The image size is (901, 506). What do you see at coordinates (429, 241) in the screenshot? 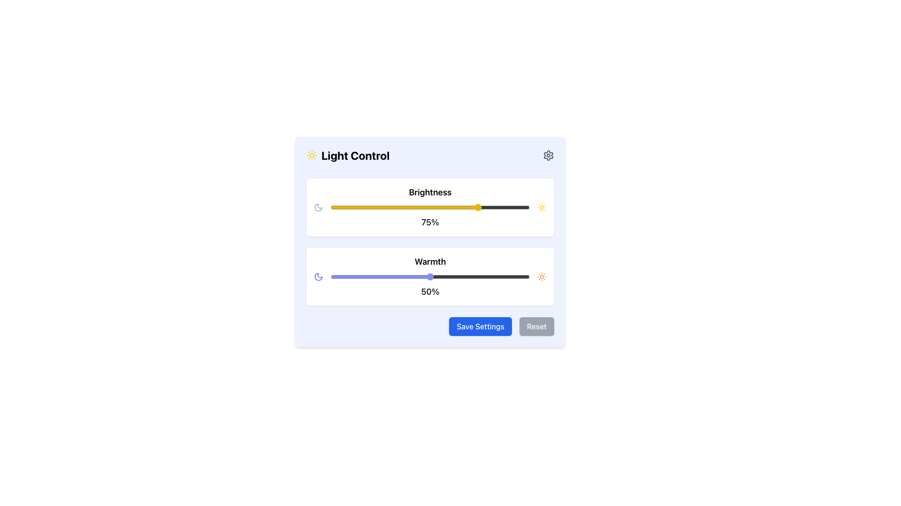
I see `the Grouped interactive components section` at bounding box center [429, 241].